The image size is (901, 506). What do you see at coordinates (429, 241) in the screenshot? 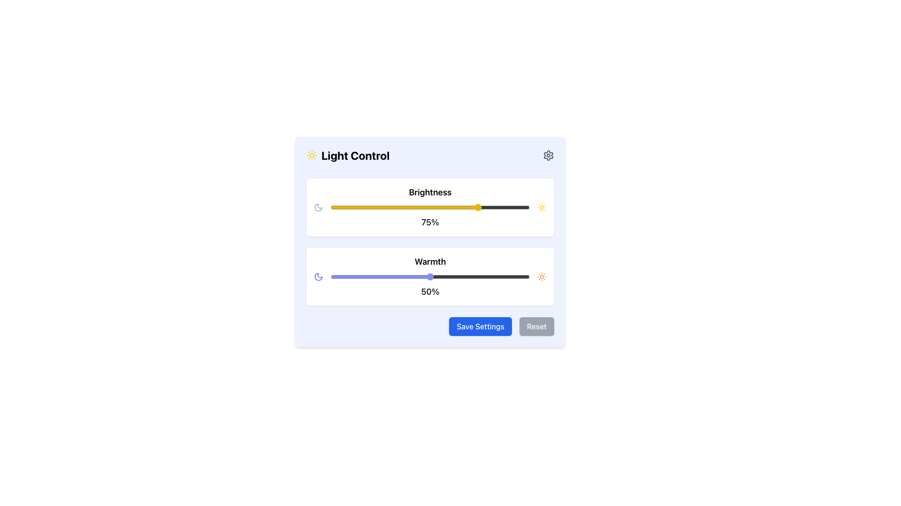
I see `the Grouped interactive components section` at bounding box center [429, 241].